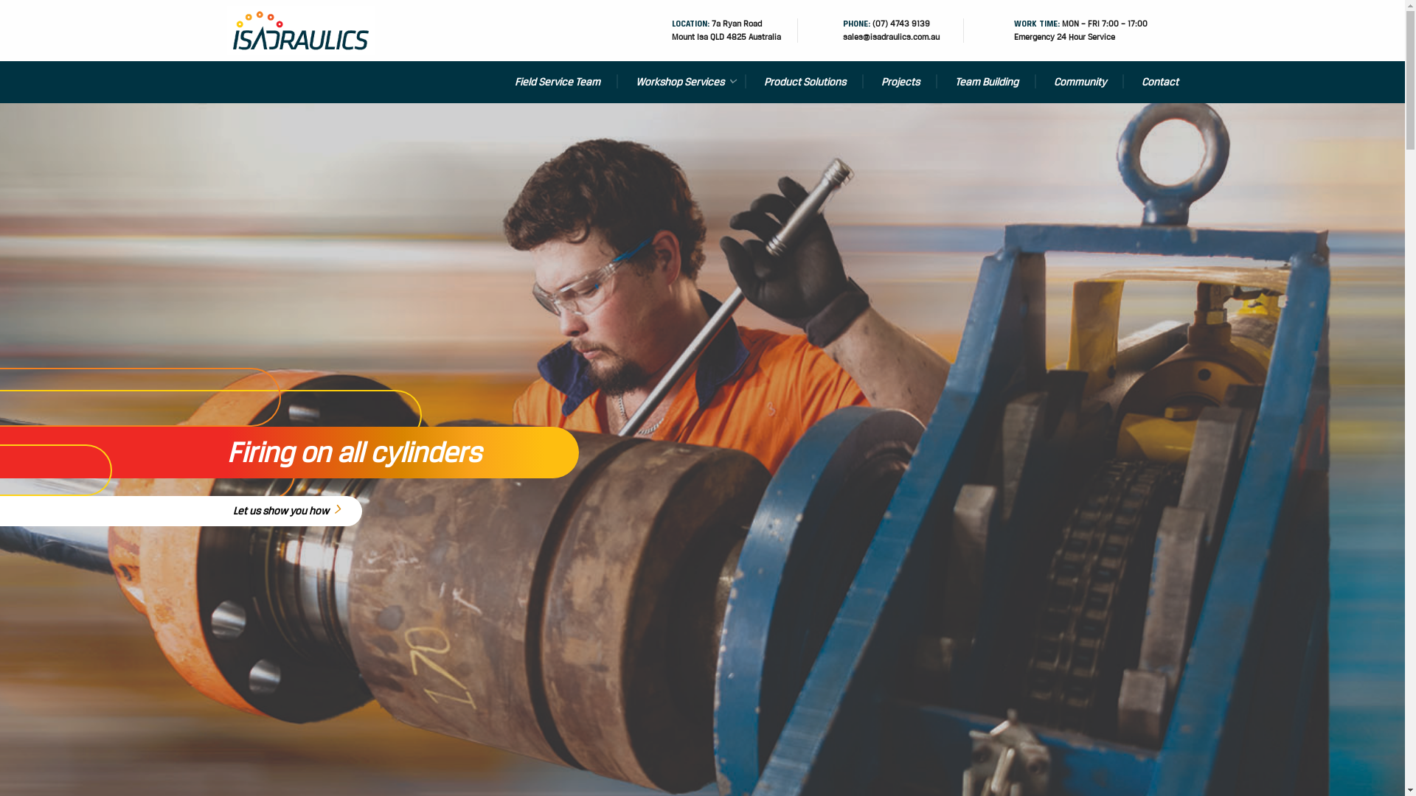 This screenshot has height=796, width=1416. I want to click on 'Projects', so click(898, 82).